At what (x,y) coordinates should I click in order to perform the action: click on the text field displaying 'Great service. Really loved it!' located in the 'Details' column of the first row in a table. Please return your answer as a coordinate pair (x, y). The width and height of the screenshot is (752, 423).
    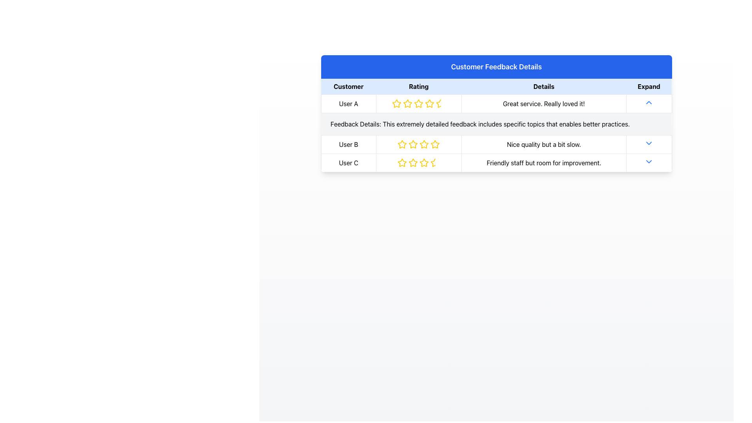
    Looking at the image, I should click on (543, 103).